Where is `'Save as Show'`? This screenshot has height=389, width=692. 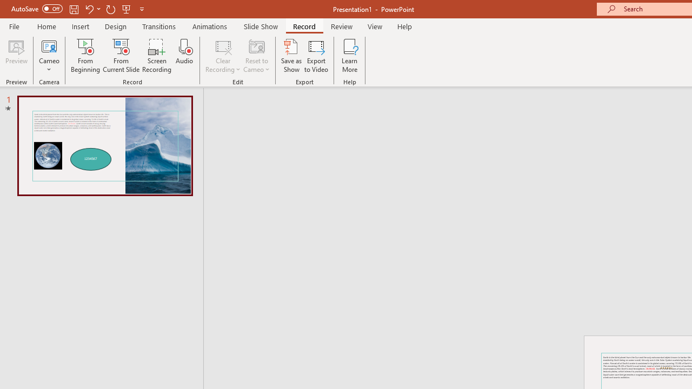 'Save as Show' is located at coordinates (291, 56).